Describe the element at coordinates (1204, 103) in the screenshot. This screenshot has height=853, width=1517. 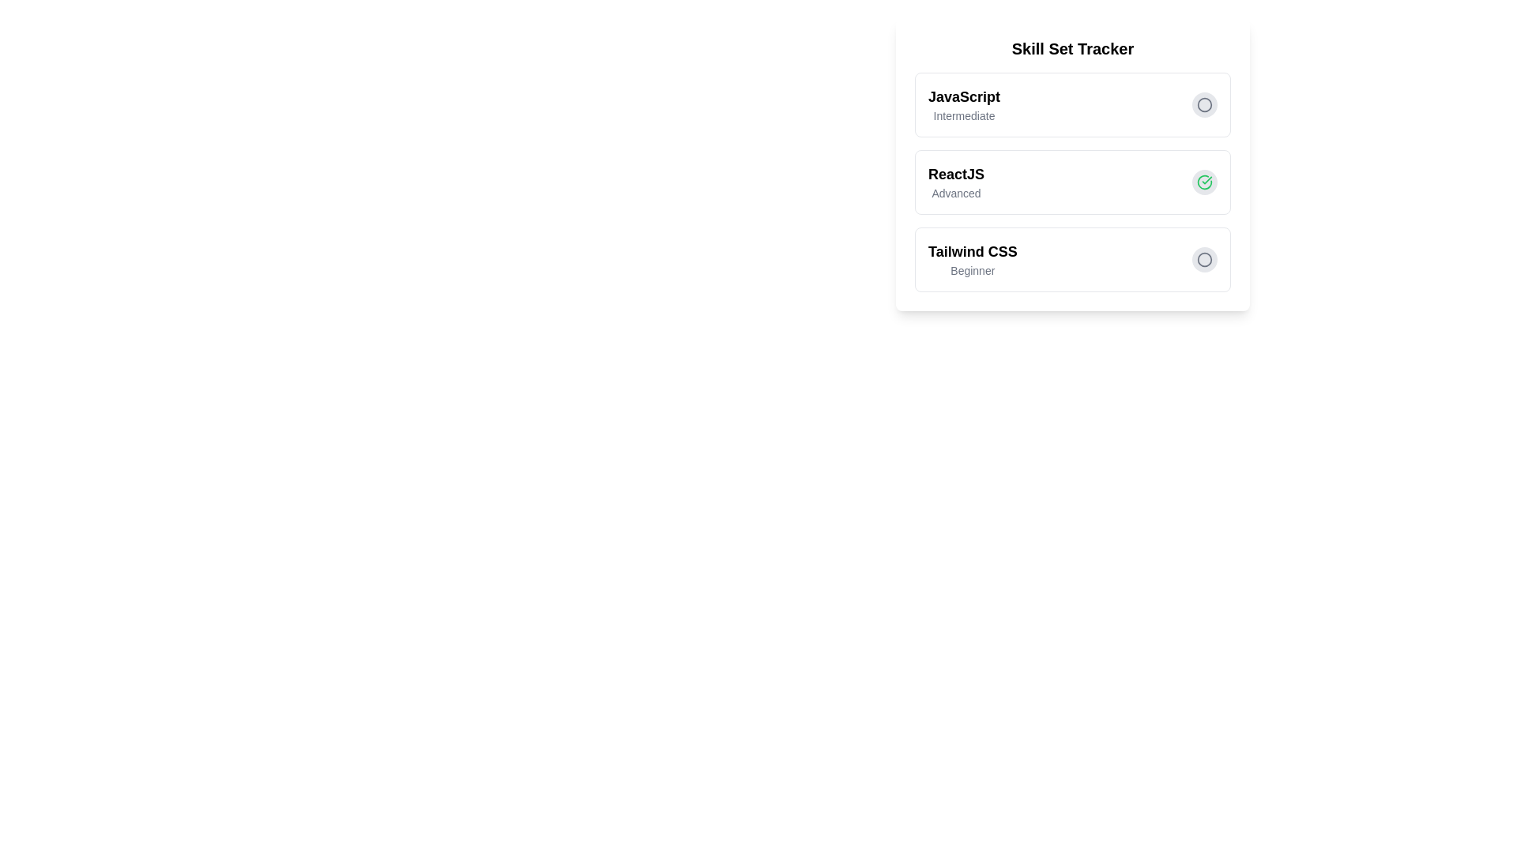
I see `the Circular Indicator for 'Tailwind CSS - Beginner' in the skills list, which is a gray-toned progress indicator aligned to the right side of the item's row` at that location.